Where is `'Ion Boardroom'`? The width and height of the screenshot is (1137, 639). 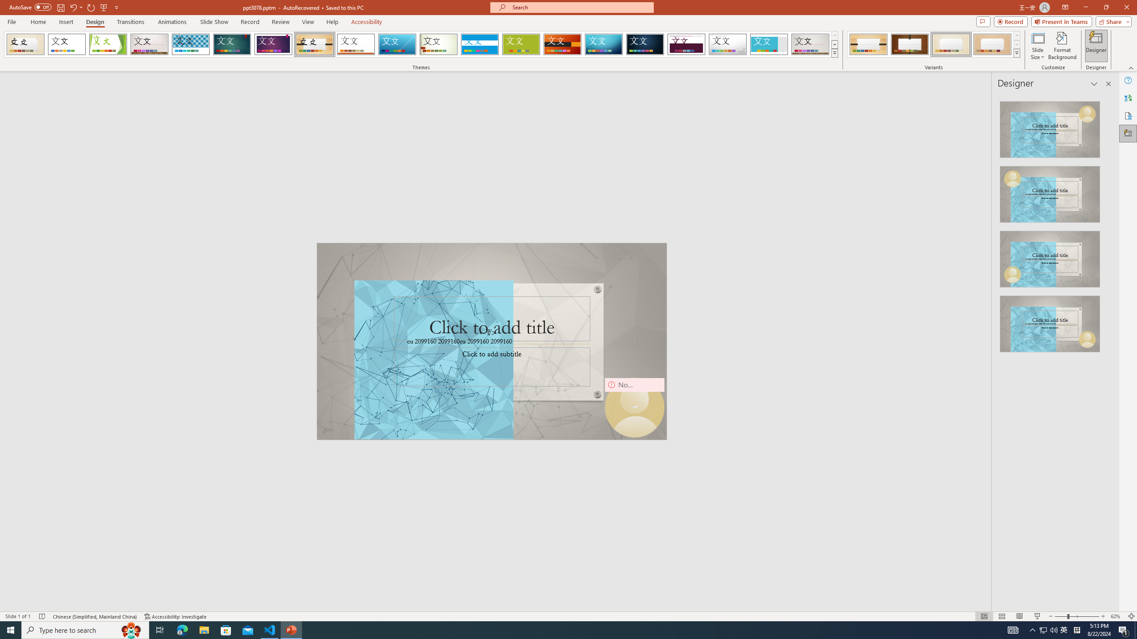
'Ion Boardroom' is located at coordinates (273, 44).